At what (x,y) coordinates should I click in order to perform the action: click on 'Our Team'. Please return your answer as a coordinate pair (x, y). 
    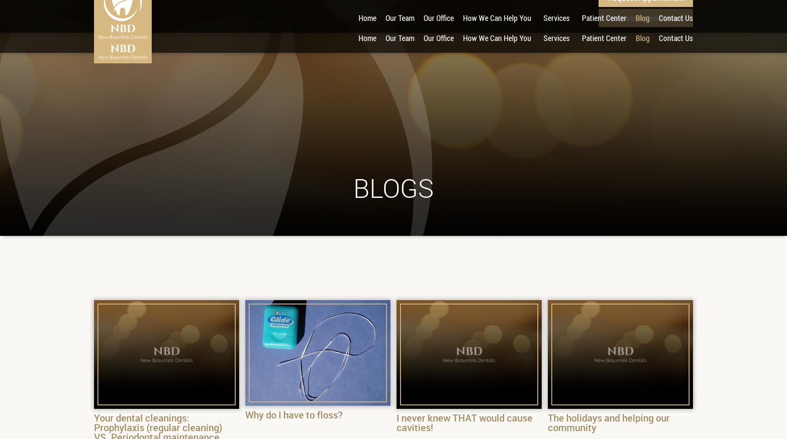
    Looking at the image, I should click on (399, 38).